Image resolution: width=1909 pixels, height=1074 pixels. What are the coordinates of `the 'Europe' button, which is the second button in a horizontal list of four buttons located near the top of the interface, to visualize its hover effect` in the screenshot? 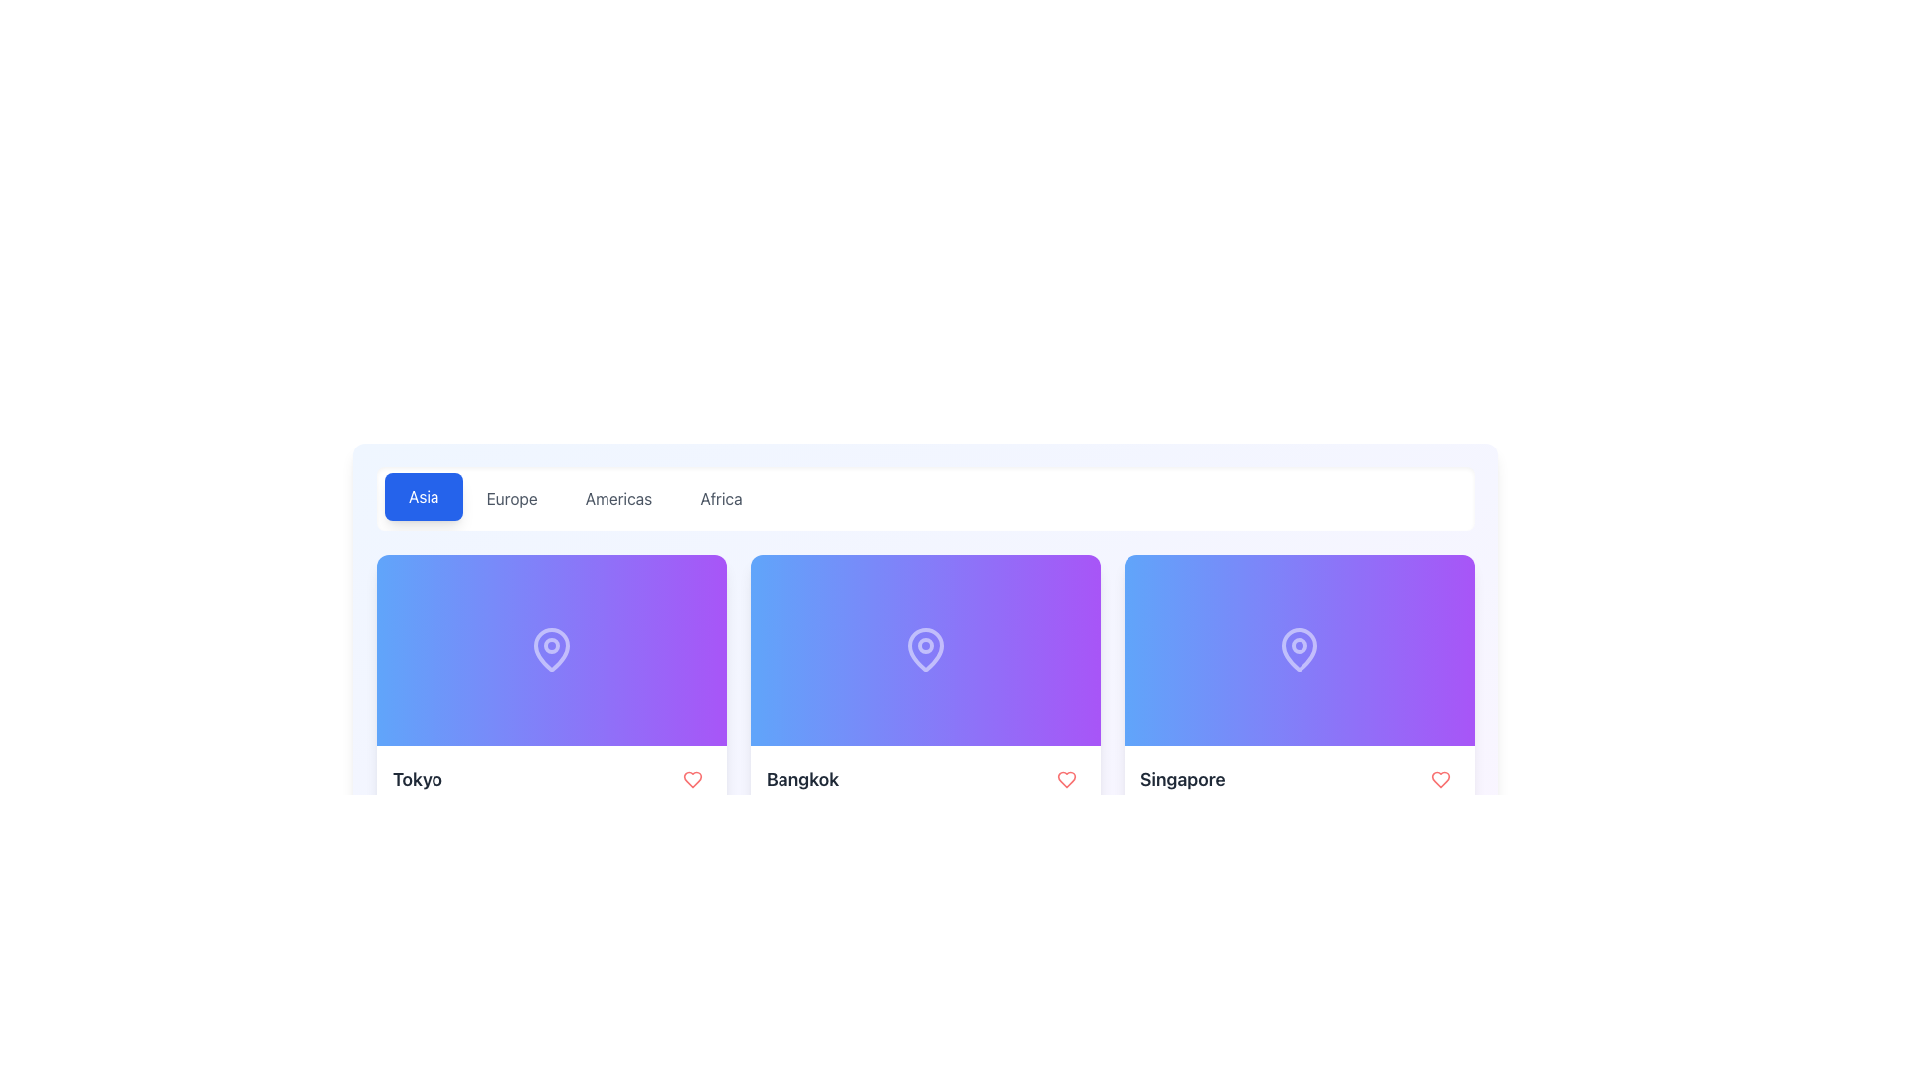 It's located at (512, 497).